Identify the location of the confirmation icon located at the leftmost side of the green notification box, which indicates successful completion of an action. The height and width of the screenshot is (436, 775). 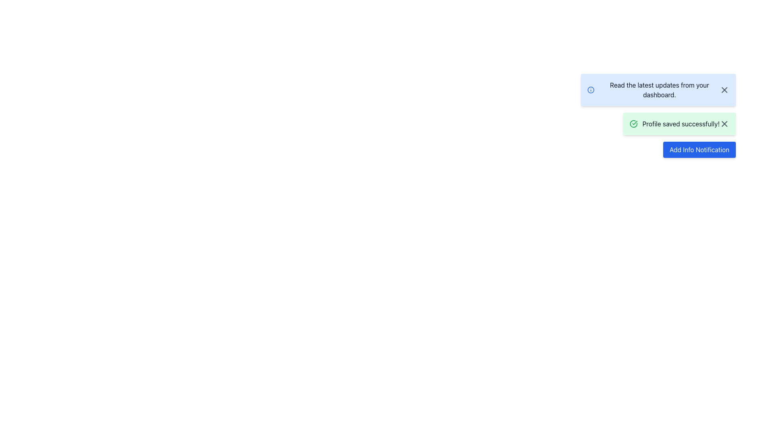
(633, 124).